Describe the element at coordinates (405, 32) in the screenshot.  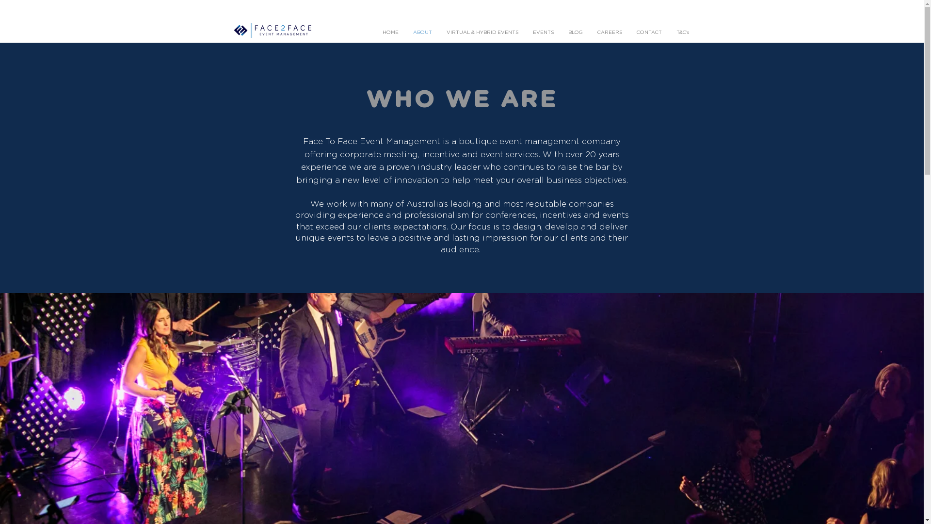
I see `'ABOUT'` at that location.